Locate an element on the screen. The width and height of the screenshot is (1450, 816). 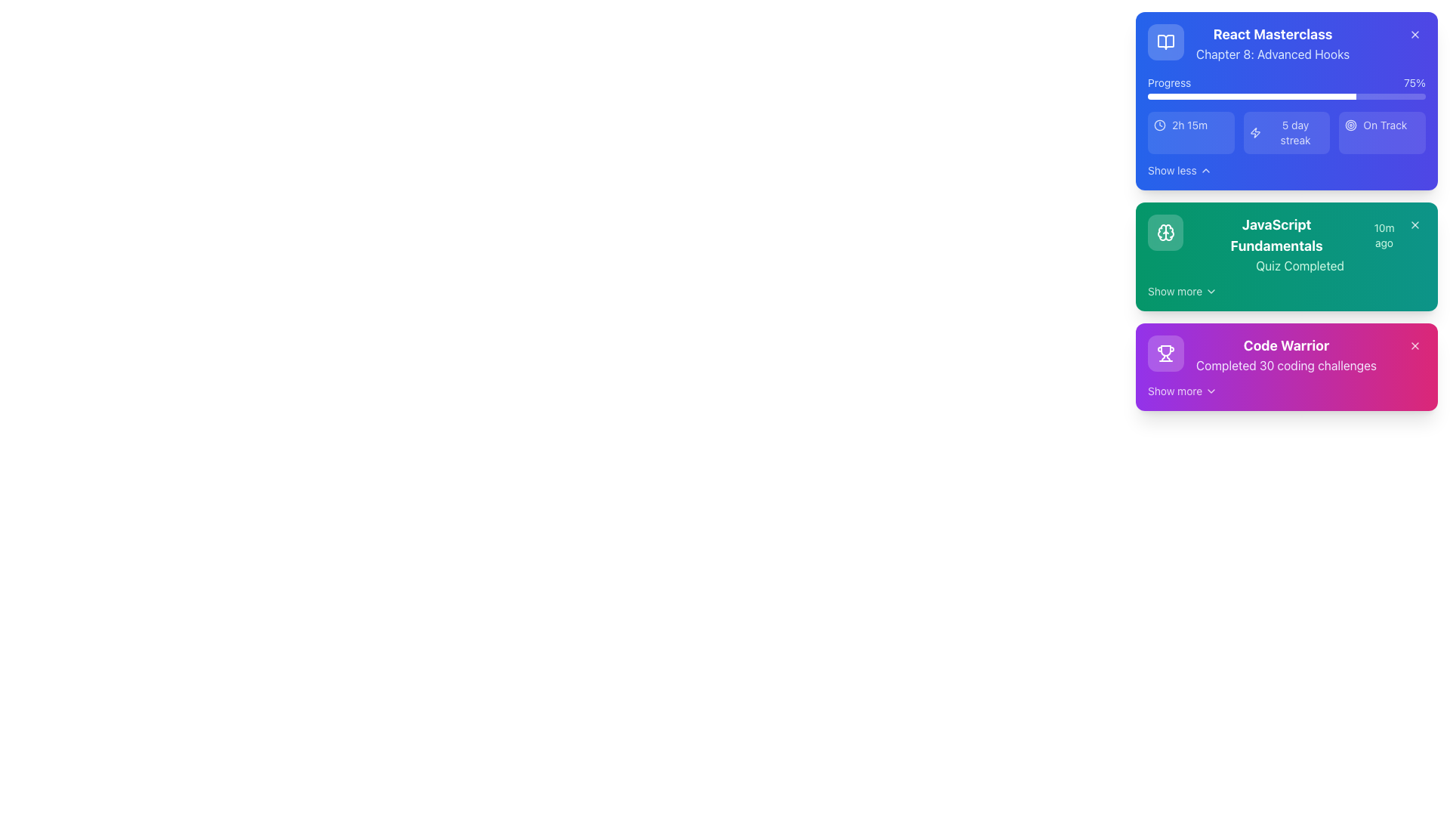
text label saying 'Chapter 8: Advanced Hooks' styled with a blue font, located below the title 'React Masterclass' within the blue card is located at coordinates (1272, 54).